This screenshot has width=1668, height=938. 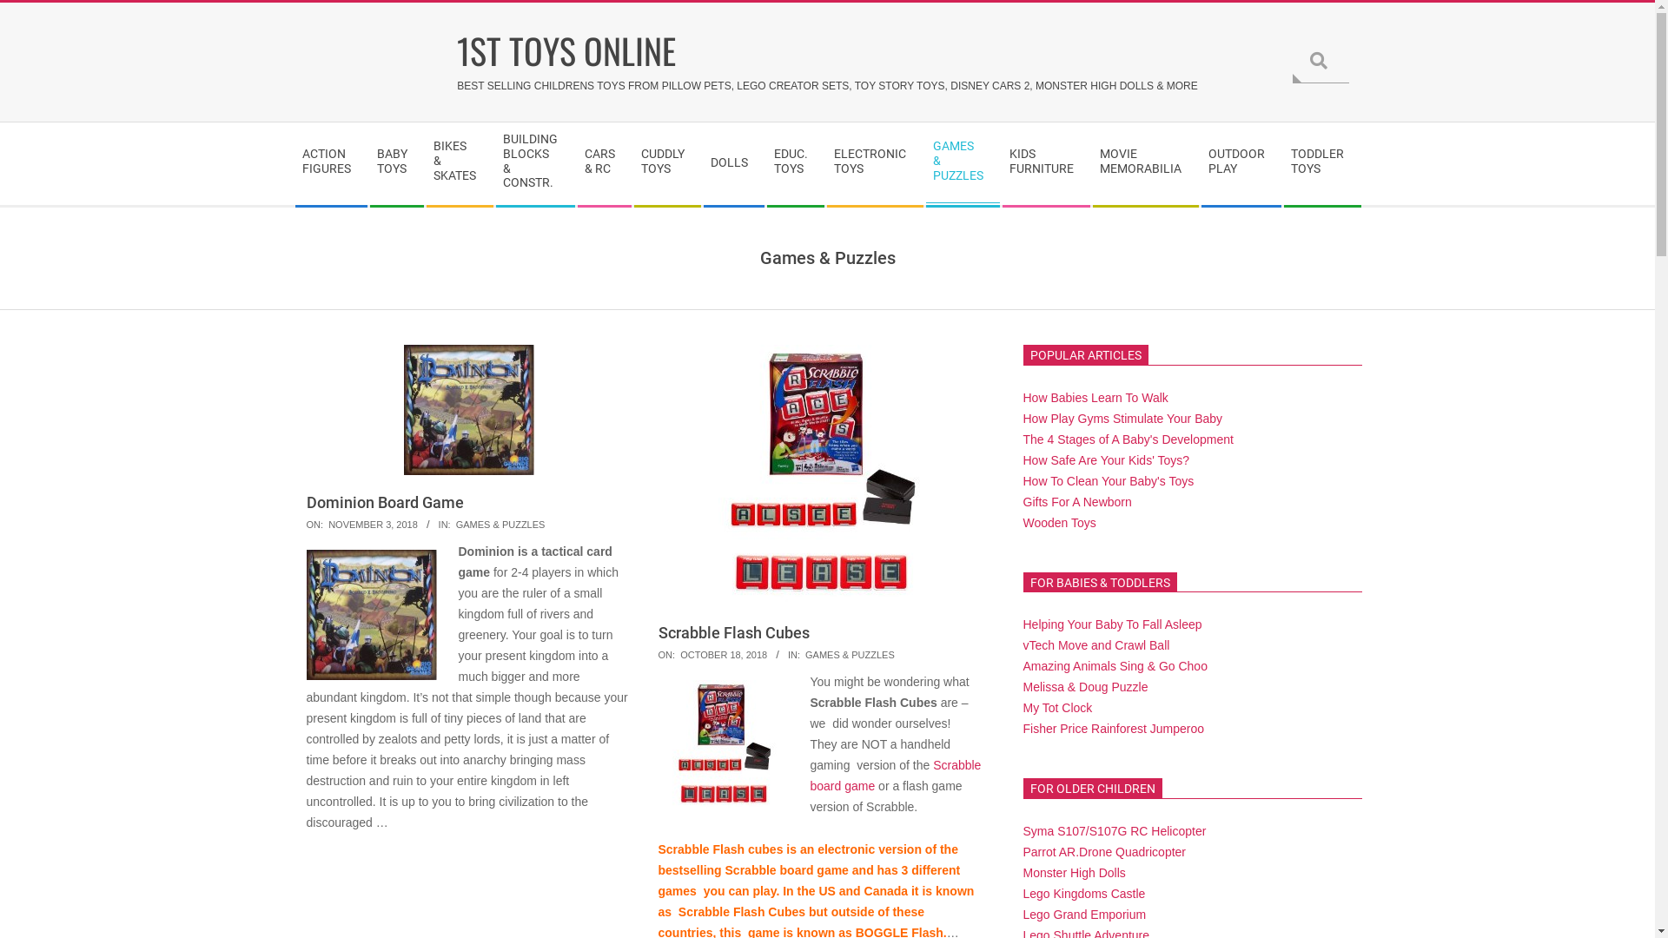 I want to click on 'CUDDLY TOYS', so click(x=666, y=164).